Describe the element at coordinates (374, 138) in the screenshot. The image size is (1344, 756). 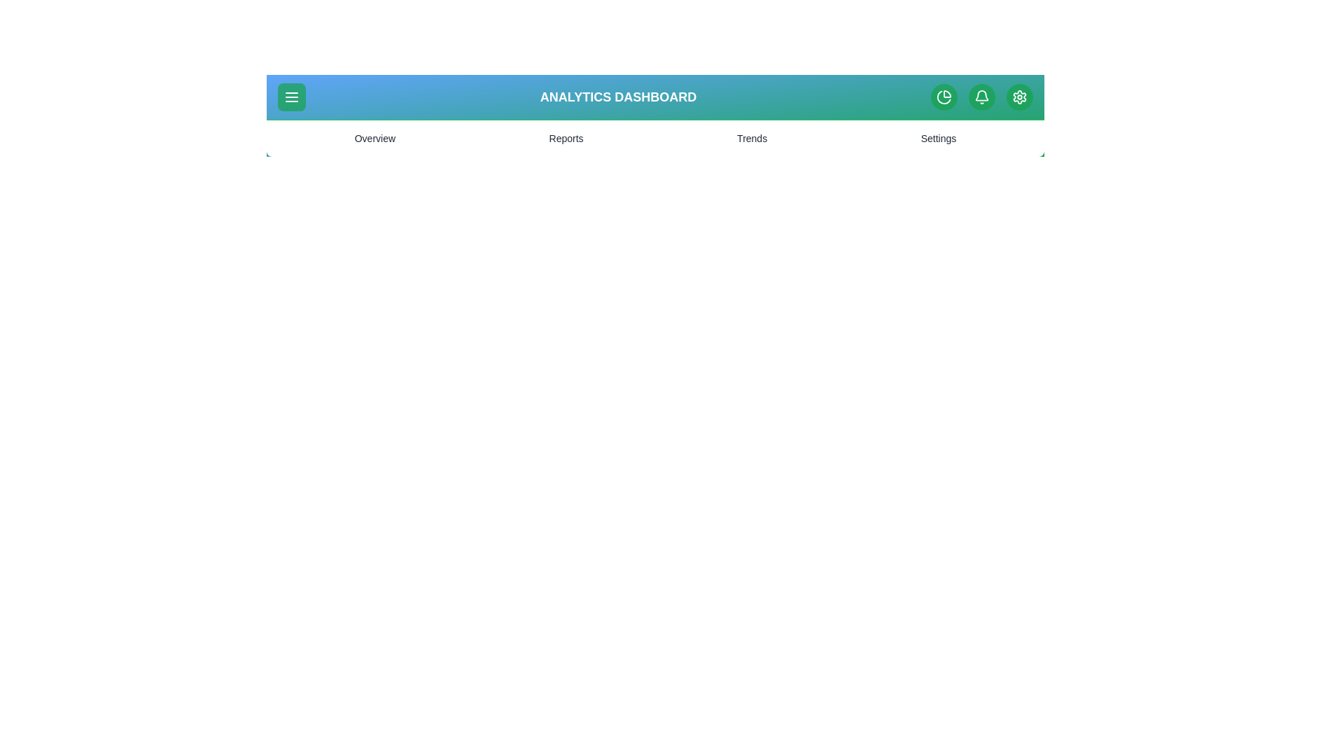
I see `the Overview menu item to navigate to the corresponding section` at that location.